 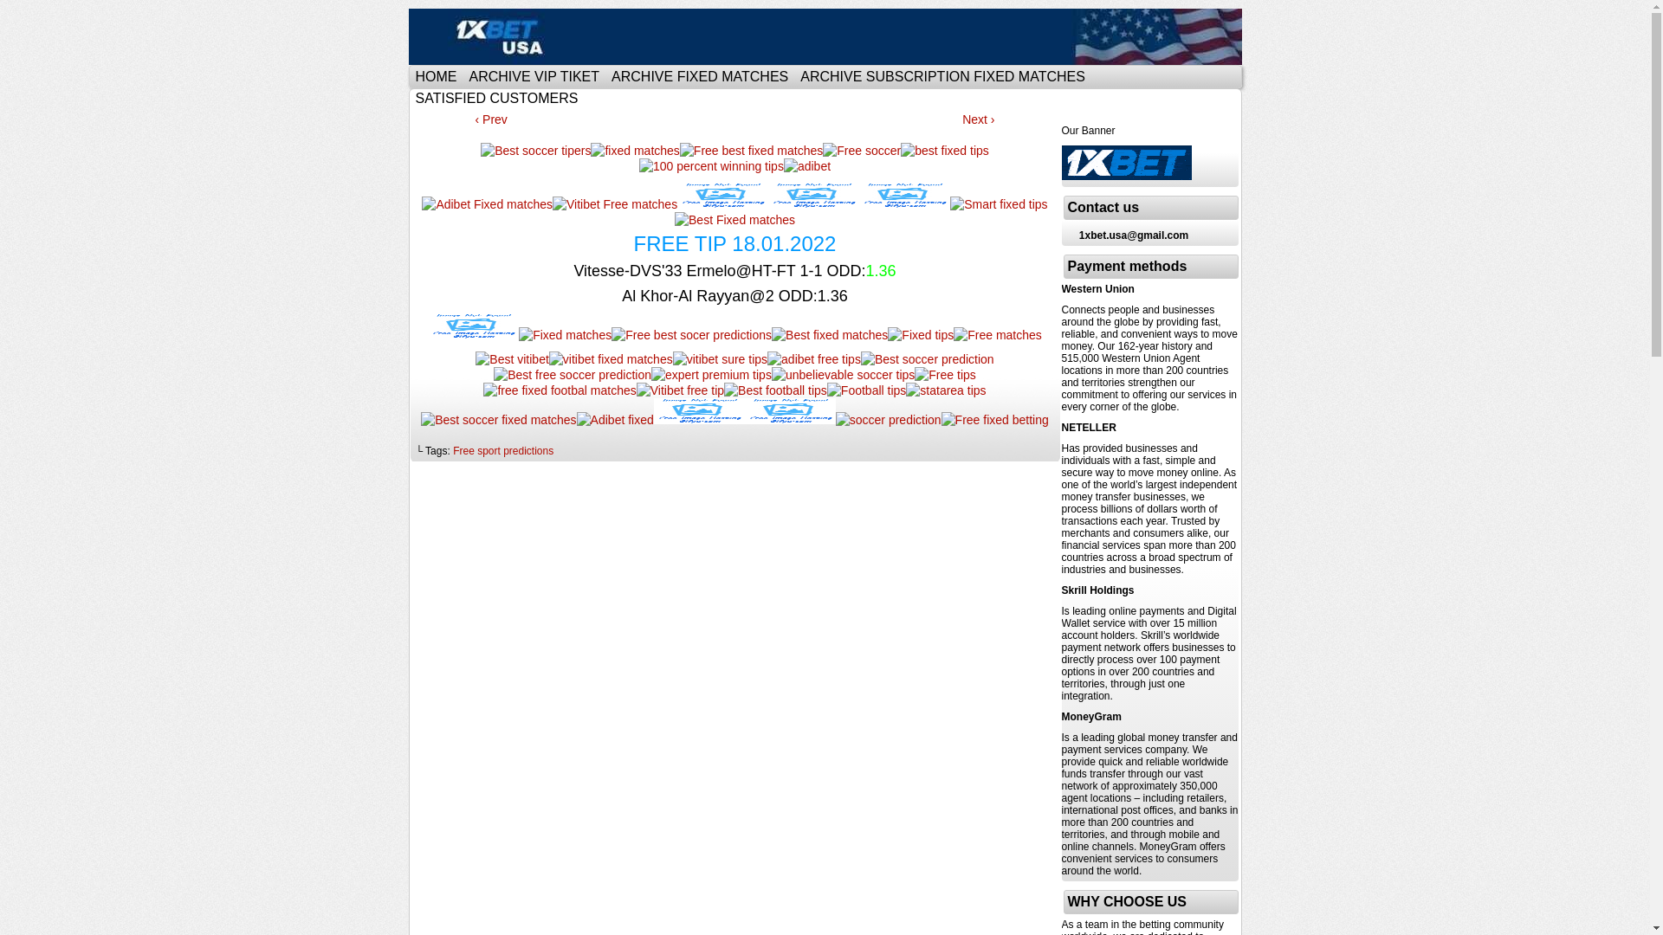 What do you see at coordinates (615, 420) in the screenshot?
I see `'Adibet fixed'` at bounding box center [615, 420].